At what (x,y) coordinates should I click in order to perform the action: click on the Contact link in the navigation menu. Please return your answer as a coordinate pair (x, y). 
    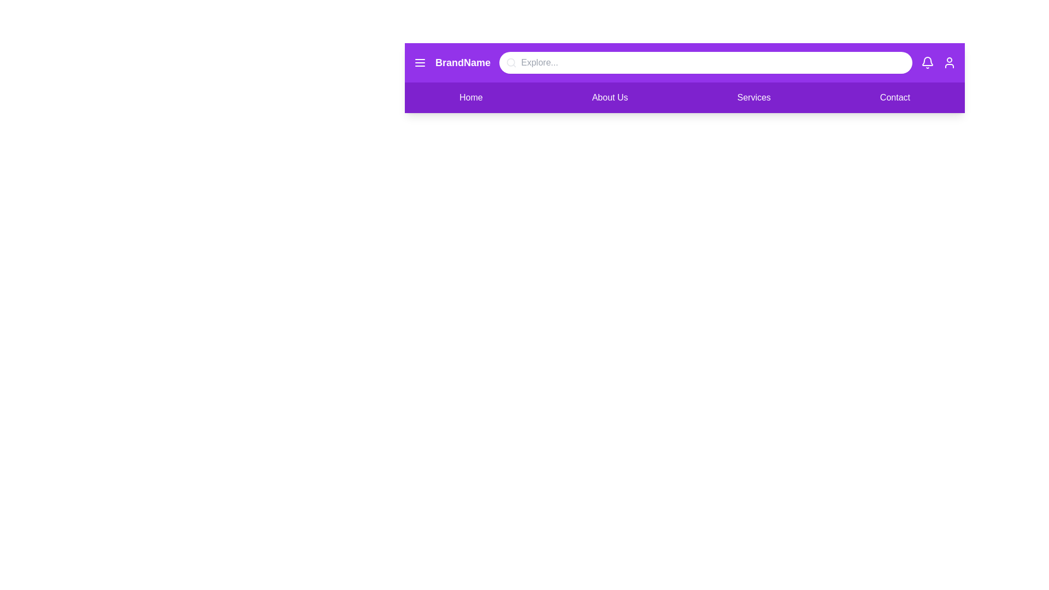
    Looking at the image, I should click on (894, 97).